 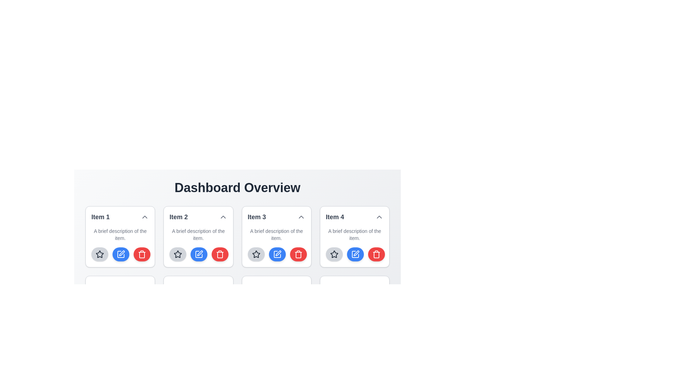 What do you see at coordinates (120, 254) in the screenshot?
I see `the edit button located within the 'Item 1' card, positioned between a gray button with a star icon and a red button with a trash icon, to observe a hover effect` at bounding box center [120, 254].